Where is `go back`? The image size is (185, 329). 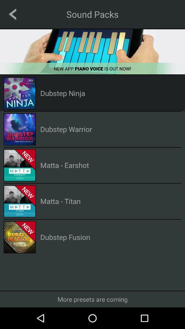 go back is located at coordinates (12, 14).